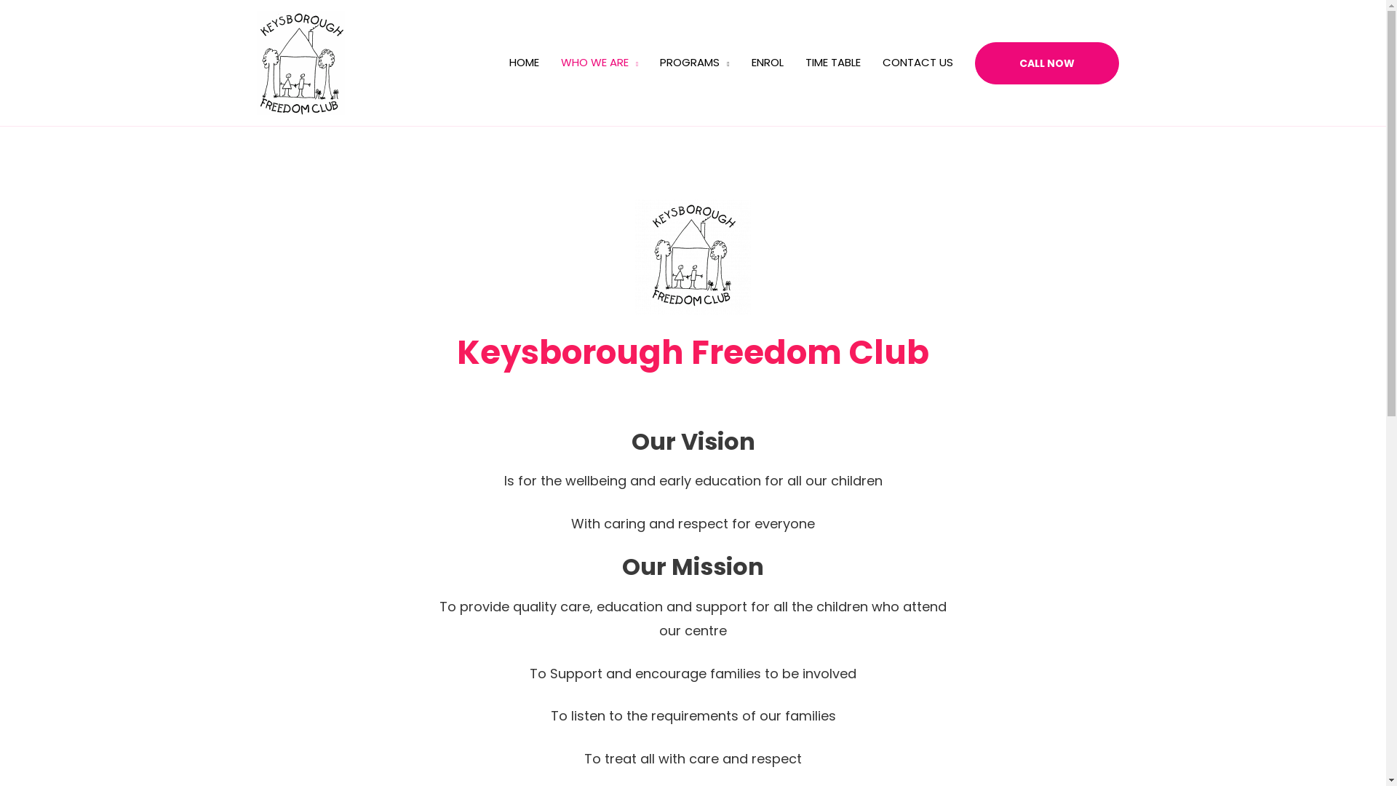 The image size is (1397, 786). What do you see at coordinates (549, 61) in the screenshot?
I see `'WHO WE ARE'` at bounding box center [549, 61].